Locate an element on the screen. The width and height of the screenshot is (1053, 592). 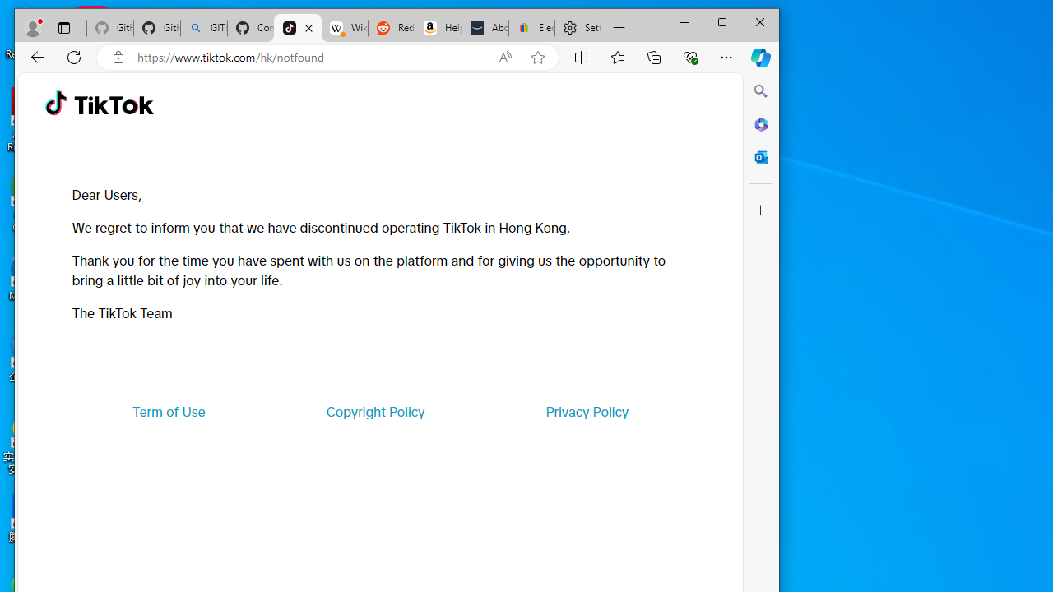
'Maximize' is located at coordinates (722, 22).